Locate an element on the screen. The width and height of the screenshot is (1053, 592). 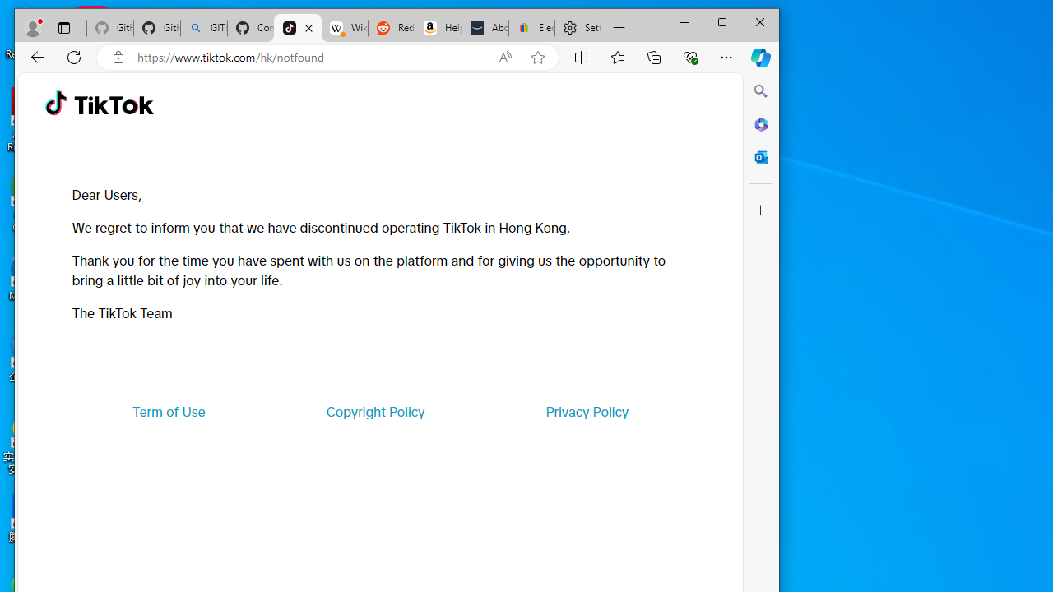
'Maximize' is located at coordinates (722, 22).